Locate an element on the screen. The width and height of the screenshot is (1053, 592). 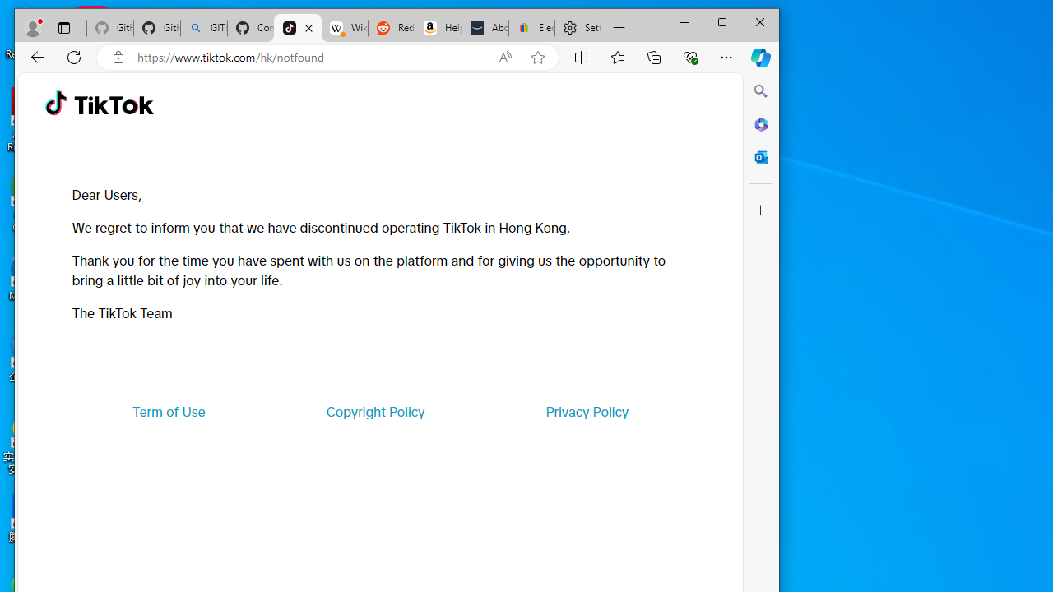
'Maximize' is located at coordinates (722, 22).